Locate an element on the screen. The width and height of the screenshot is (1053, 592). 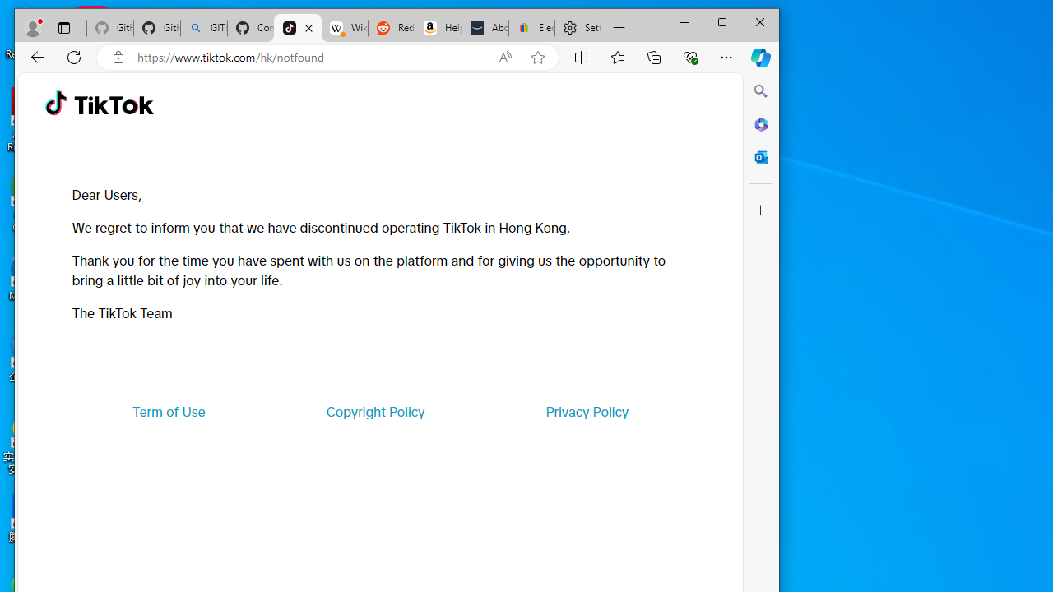
'Maximize' is located at coordinates (722, 22).